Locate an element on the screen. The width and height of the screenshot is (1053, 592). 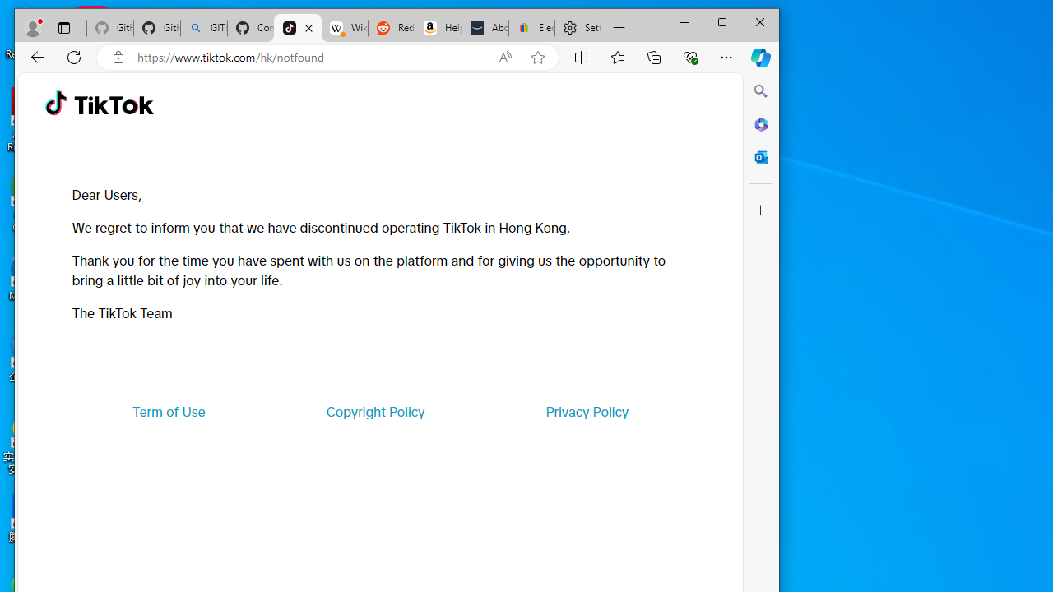
'Maximize' is located at coordinates (722, 22).